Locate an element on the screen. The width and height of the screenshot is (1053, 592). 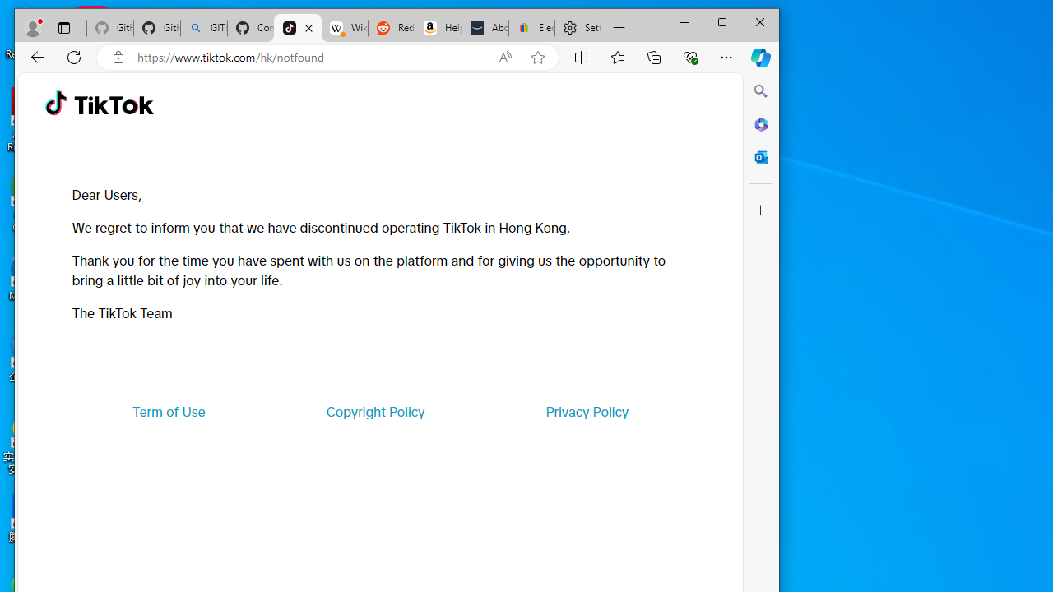
'Maximize' is located at coordinates (722, 22).